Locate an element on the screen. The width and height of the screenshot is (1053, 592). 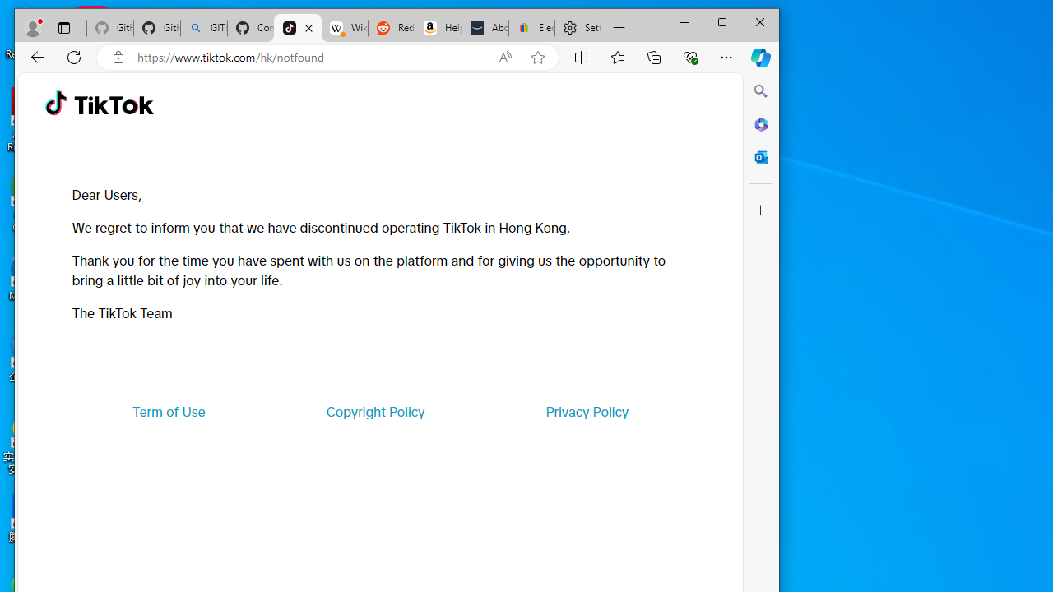
'Maximize' is located at coordinates (722, 22).